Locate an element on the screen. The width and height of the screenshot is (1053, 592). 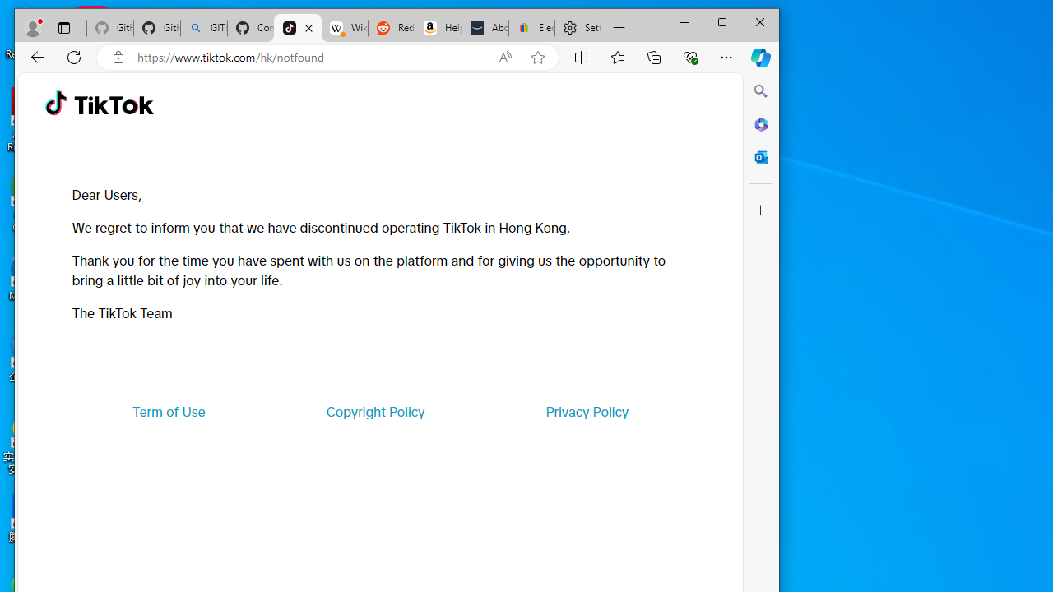
'Maximize' is located at coordinates (722, 22).